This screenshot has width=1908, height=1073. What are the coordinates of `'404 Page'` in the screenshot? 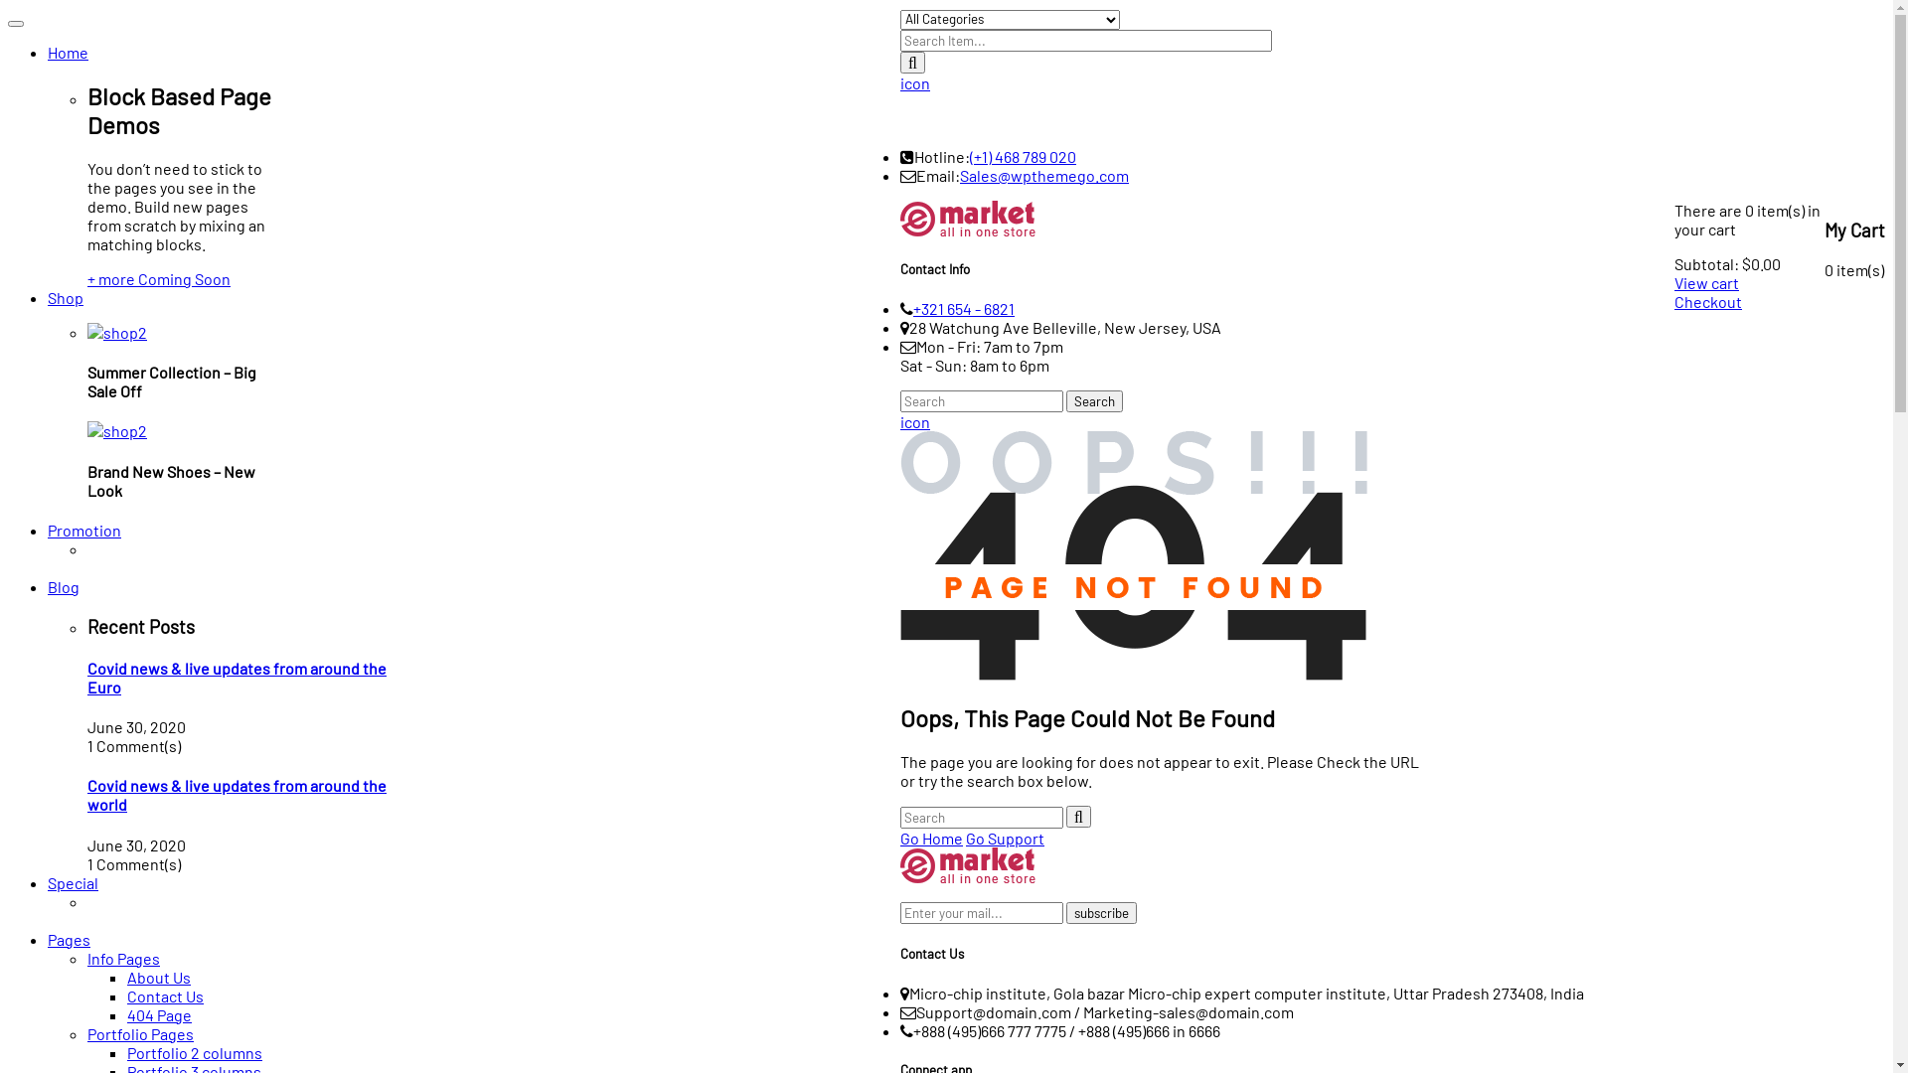 It's located at (159, 1014).